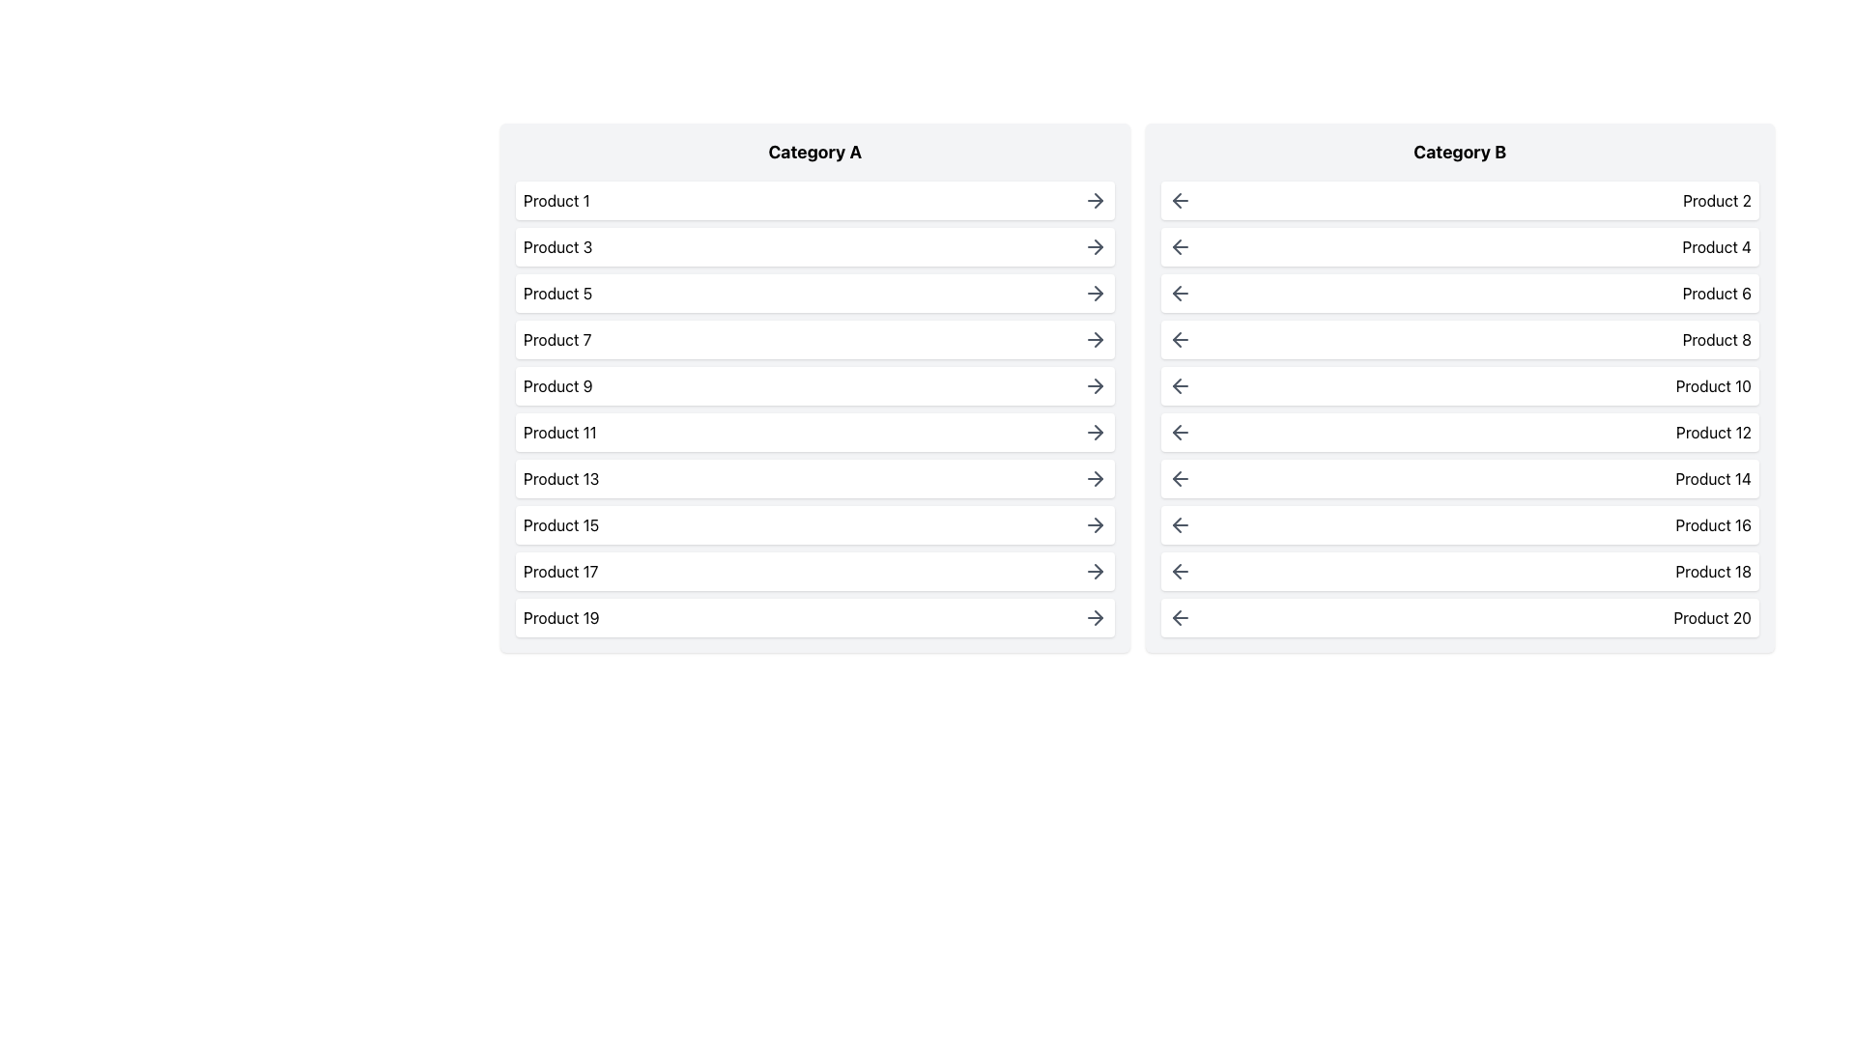  I want to click on the left-pointing arrow icon button in the 'Category B' section, adjacent to the label text of 'Product 14', so click(1179, 478).